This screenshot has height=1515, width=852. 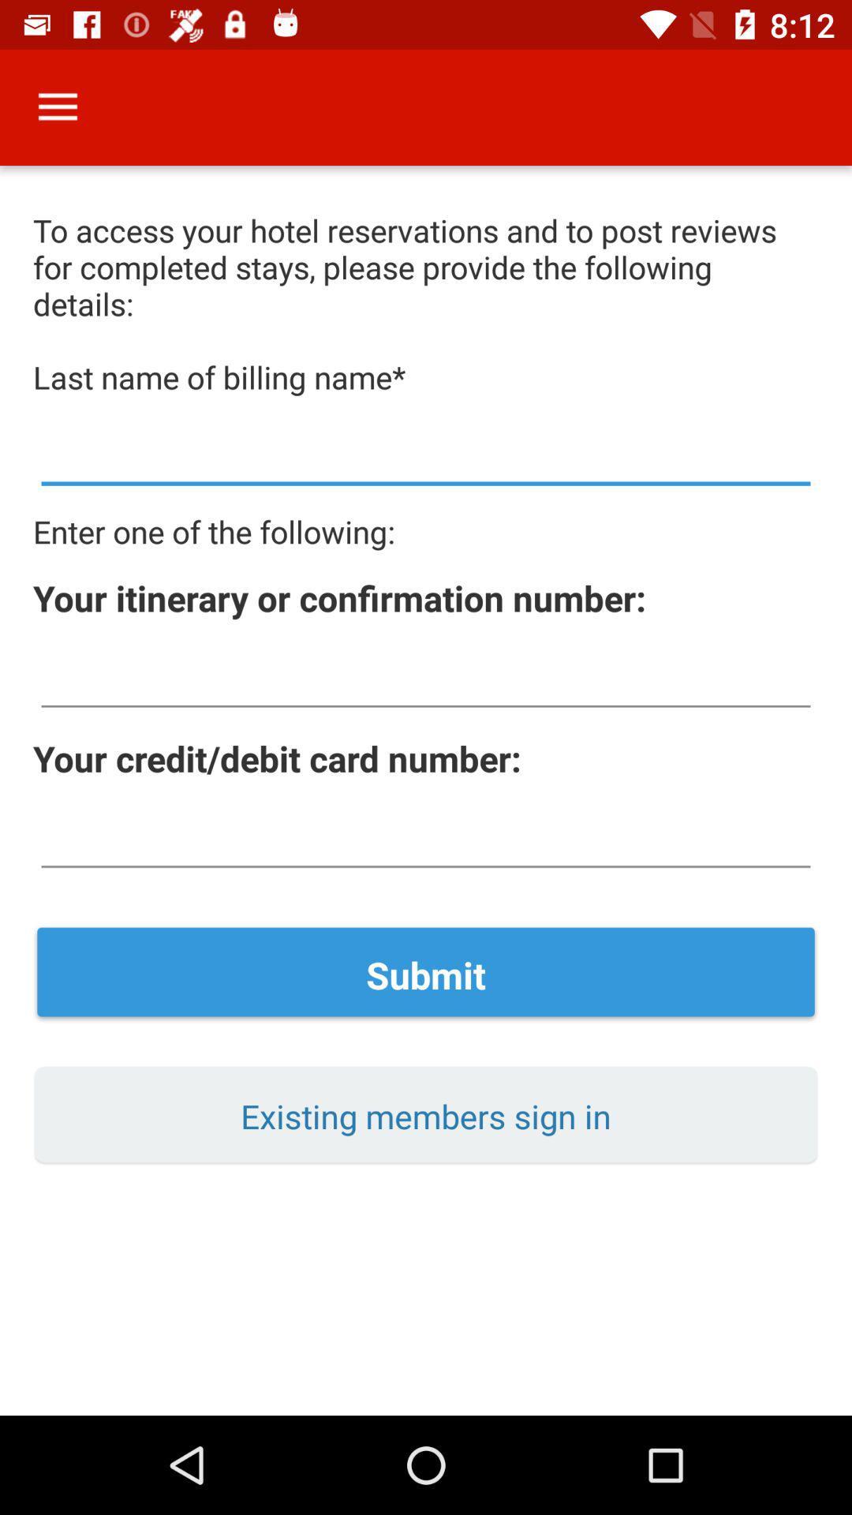 I want to click on existing members sign item, so click(x=426, y=1115).